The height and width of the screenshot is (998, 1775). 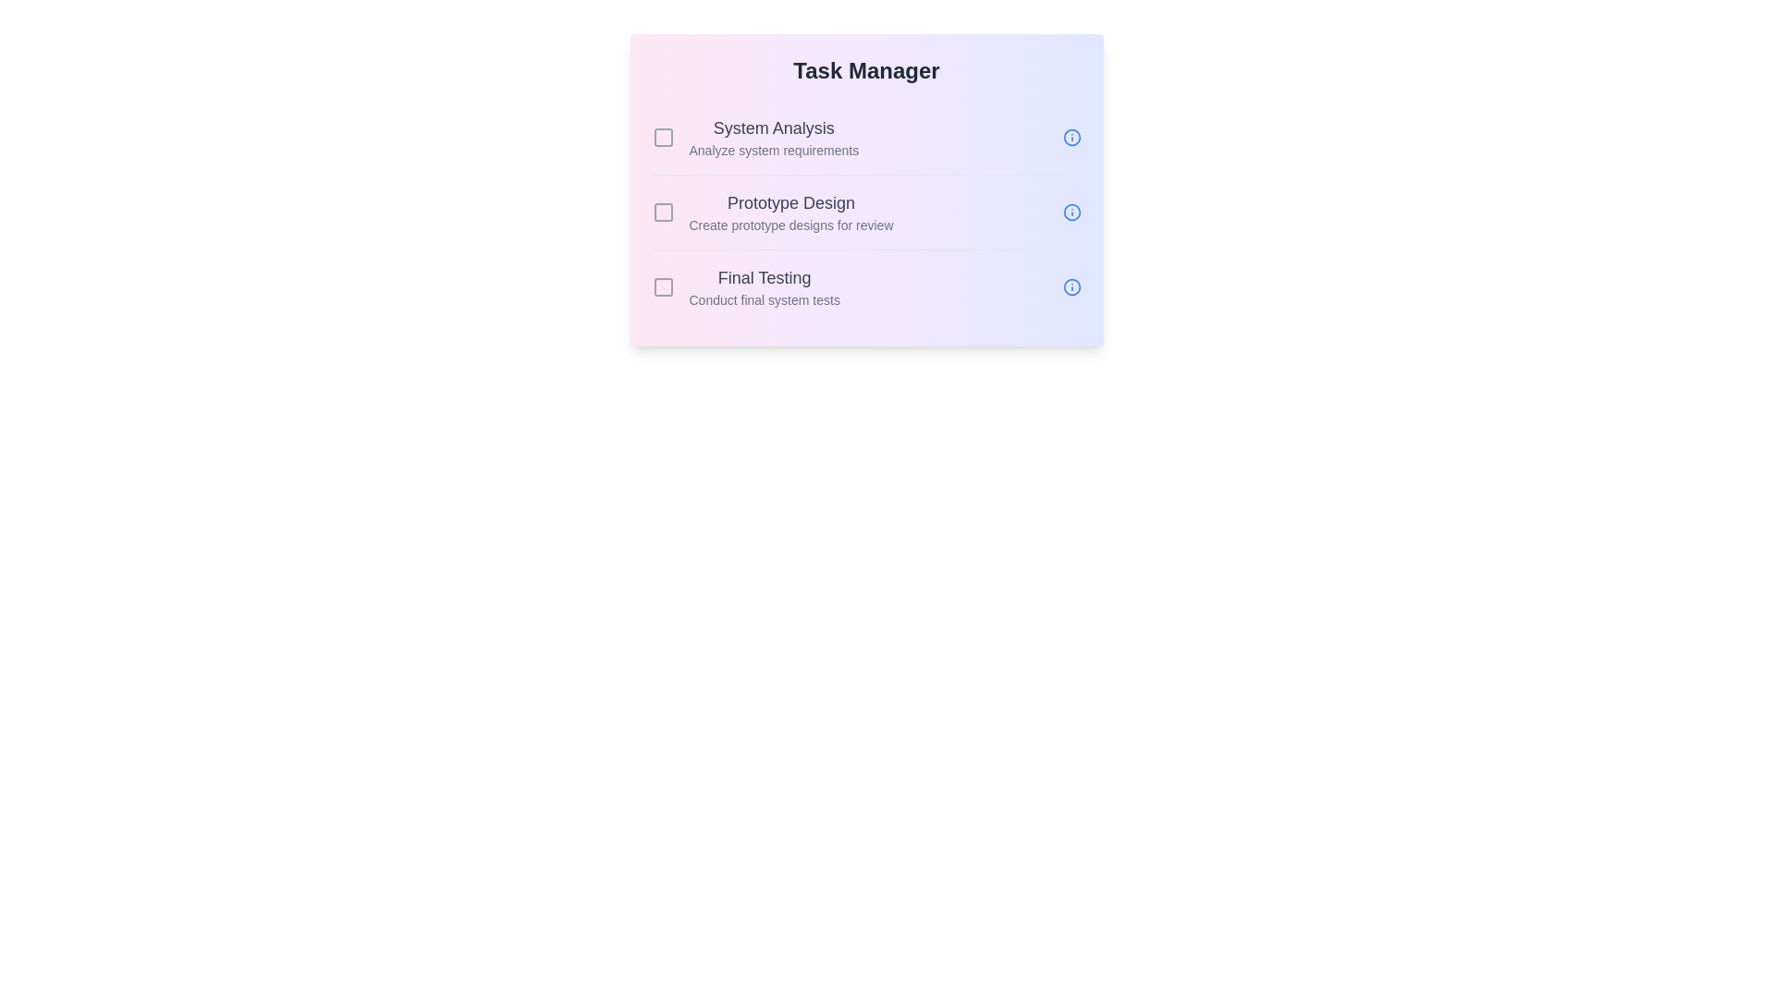 What do you see at coordinates (774, 127) in the screenshot?
I see `the task name text for System Analysis` at bounding box center [774, 127].